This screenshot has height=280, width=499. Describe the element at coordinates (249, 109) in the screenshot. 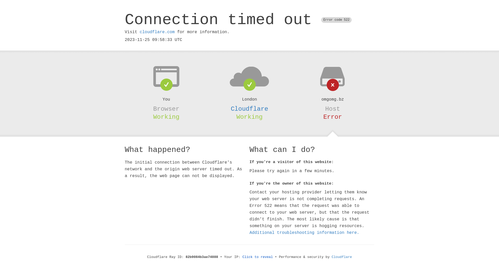

I see `'Cloudflare'` at that location.